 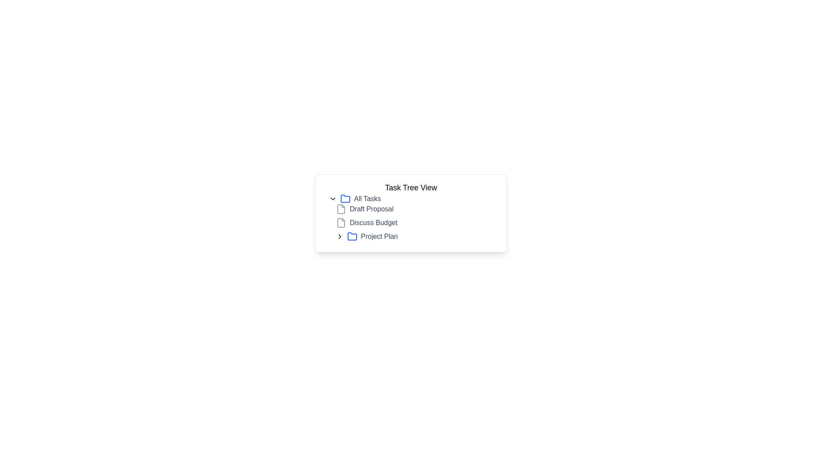 What do you see at coordinates (373, 222) in the screenshot?
I see `the content of the text label displaying 'Discuss Budget' in dark gray color, which is the third item in the list under the 'All Tasks' node in the 'Task Tree View.'` at bounding box center [373, 222].